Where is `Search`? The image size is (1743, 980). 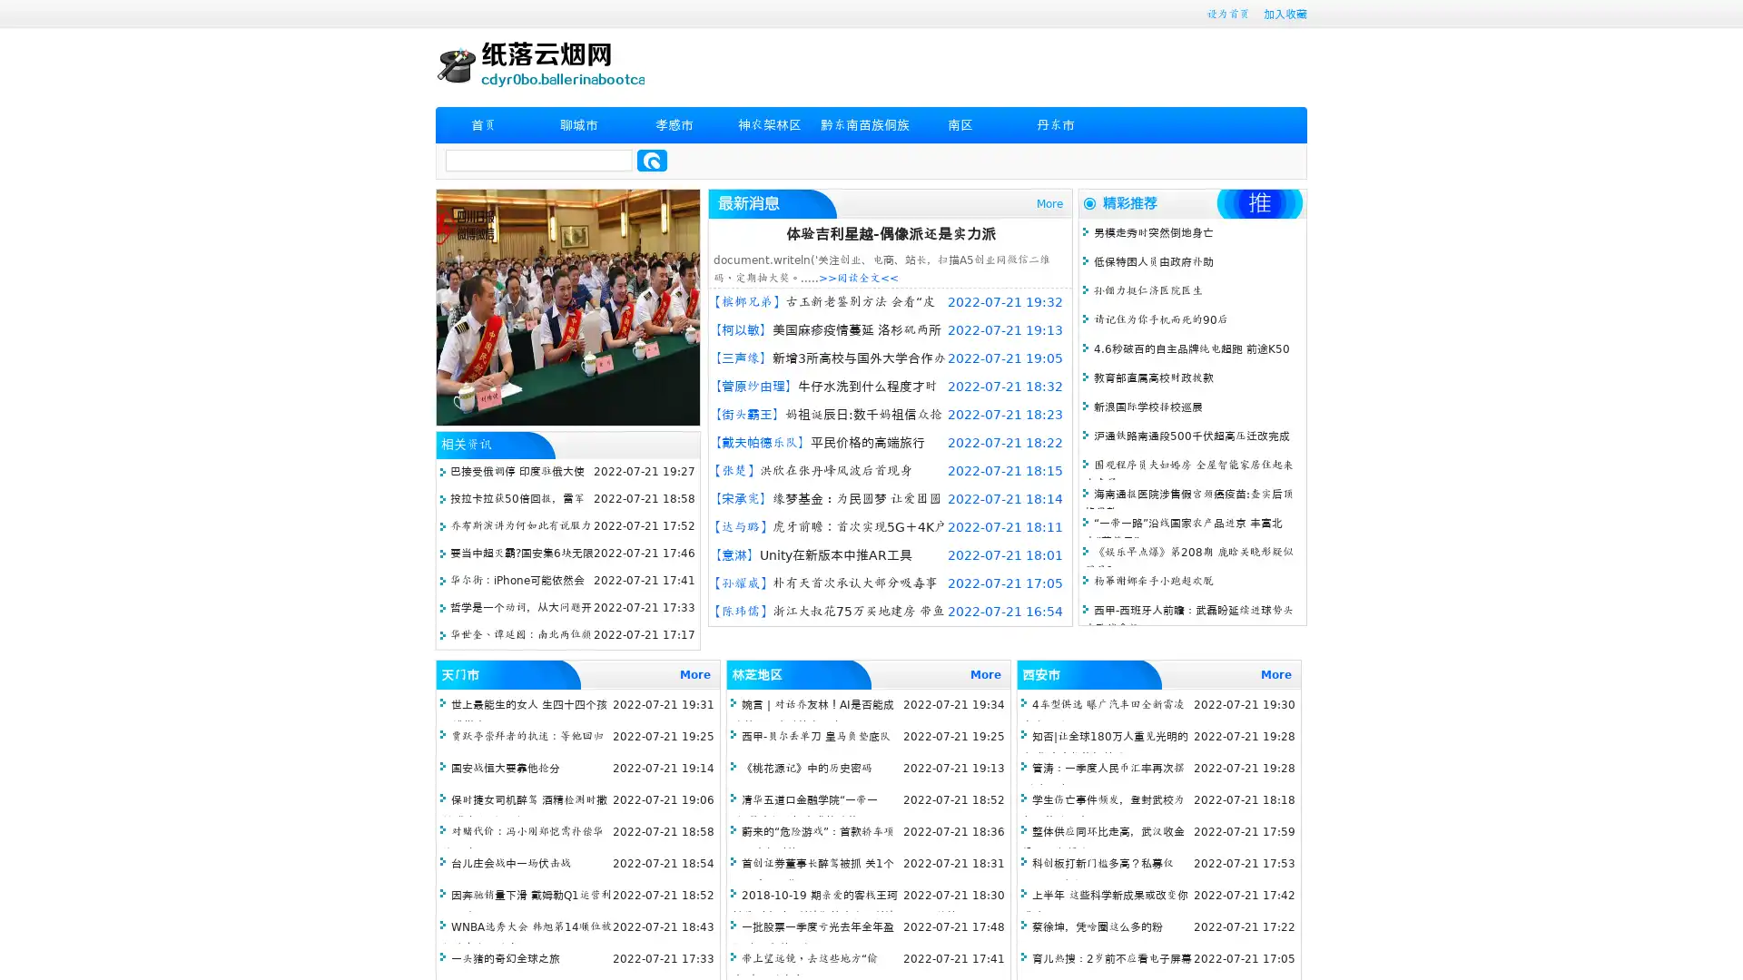
Search is located at coordinates (652, 160).